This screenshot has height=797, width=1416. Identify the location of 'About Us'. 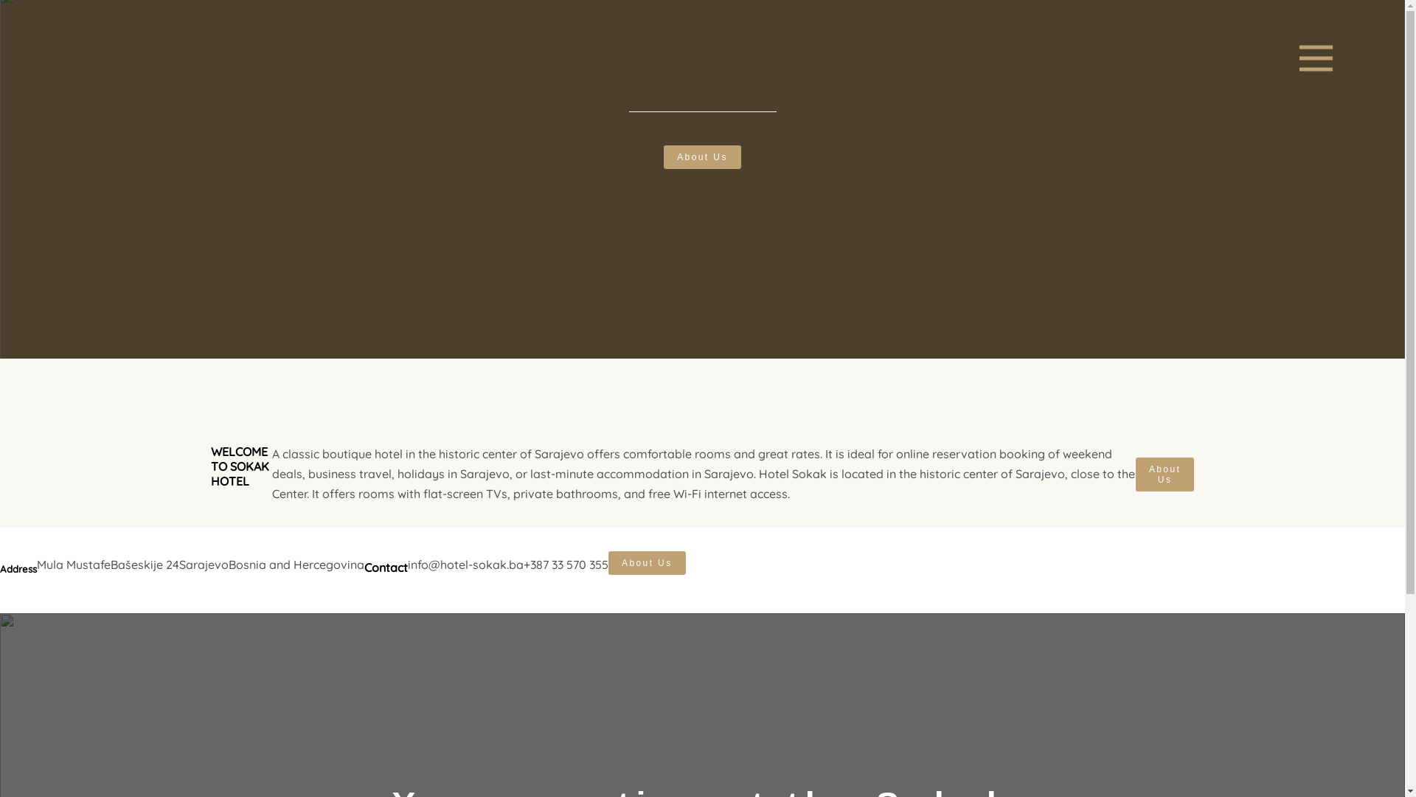
(701, 156).